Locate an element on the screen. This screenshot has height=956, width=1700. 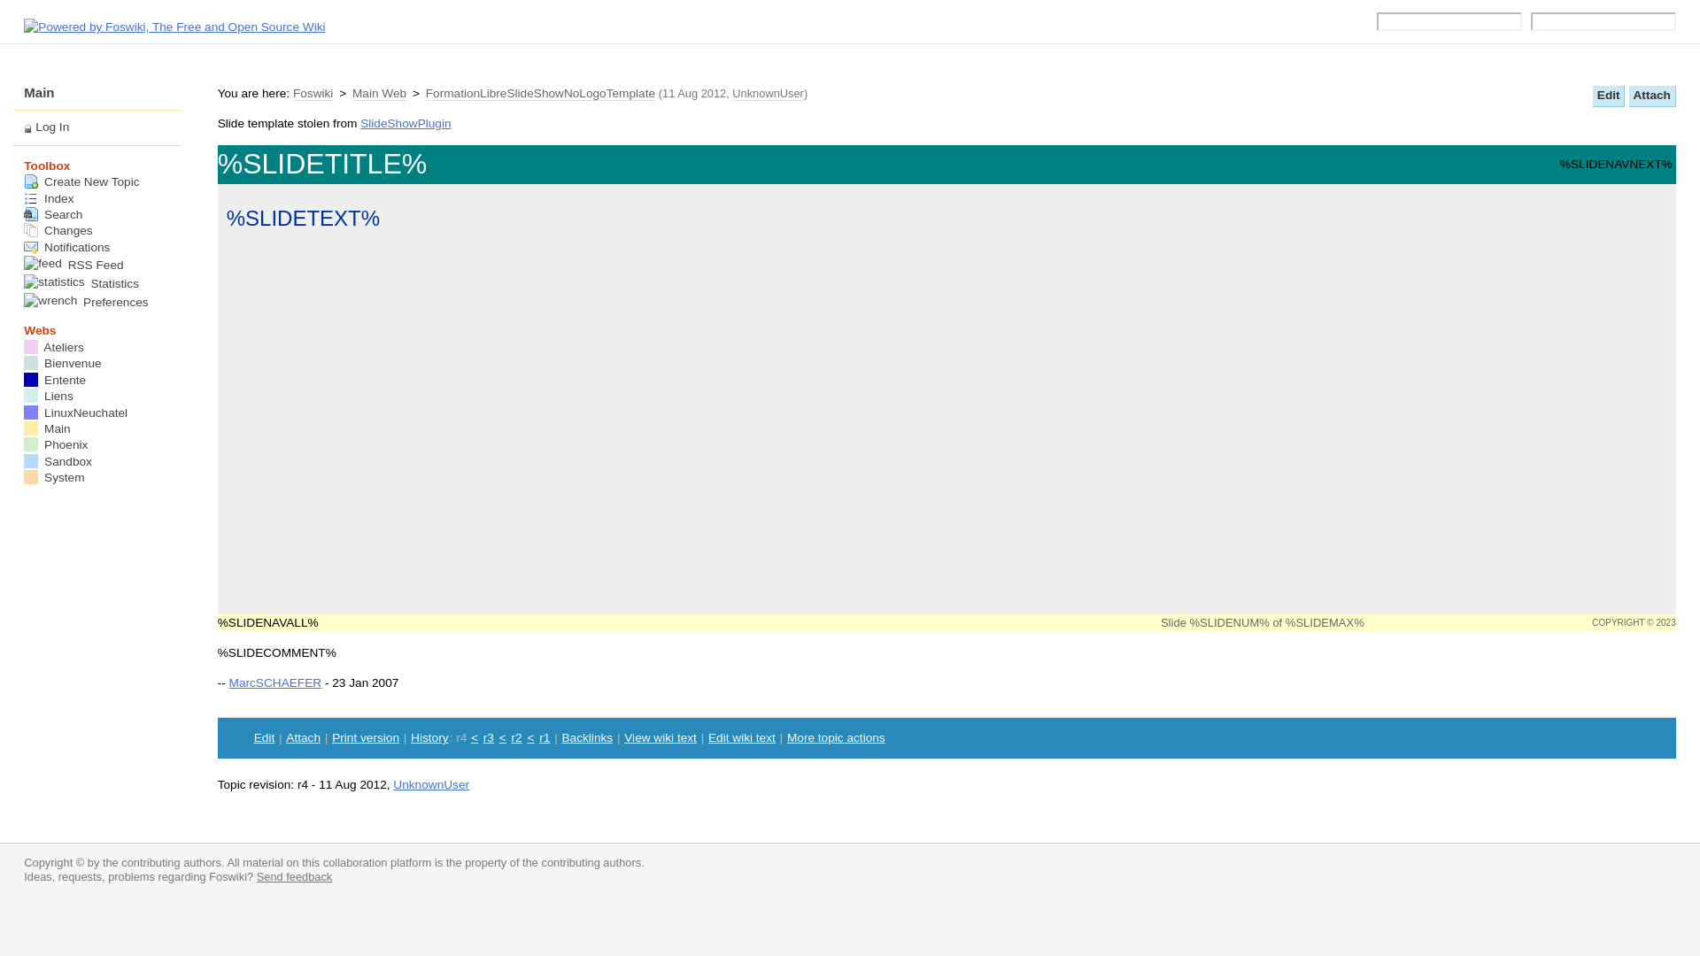
'Search' is located at coordinates (52, 213).